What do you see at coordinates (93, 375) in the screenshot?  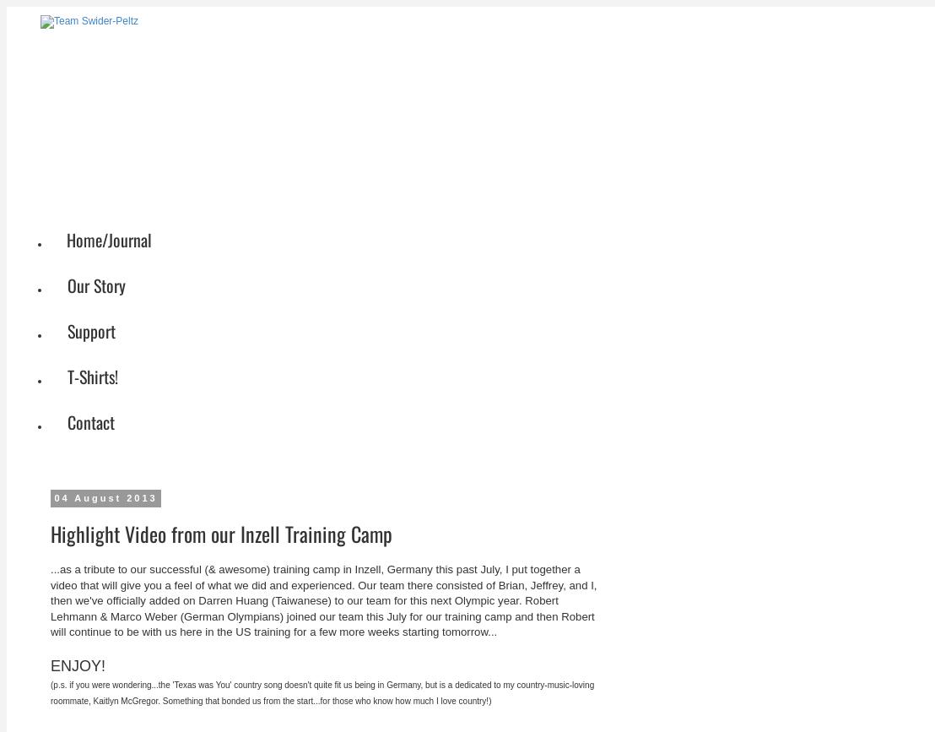 I see `'T-Shirts!'` at bounding box center [93, 375].